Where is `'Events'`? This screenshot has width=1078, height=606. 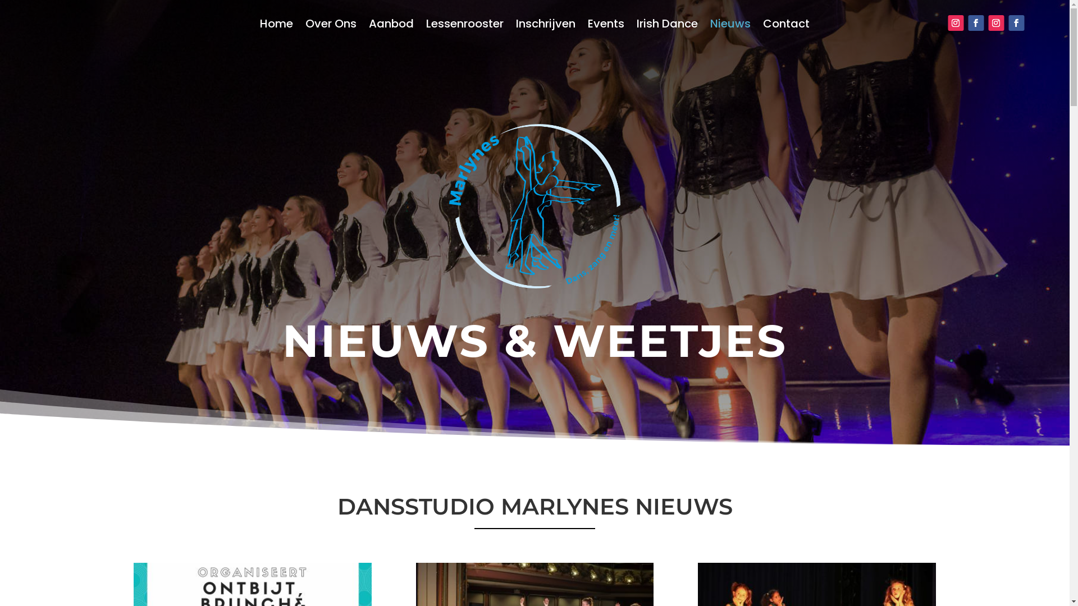 'Events' is located at coordinates (605, 25).